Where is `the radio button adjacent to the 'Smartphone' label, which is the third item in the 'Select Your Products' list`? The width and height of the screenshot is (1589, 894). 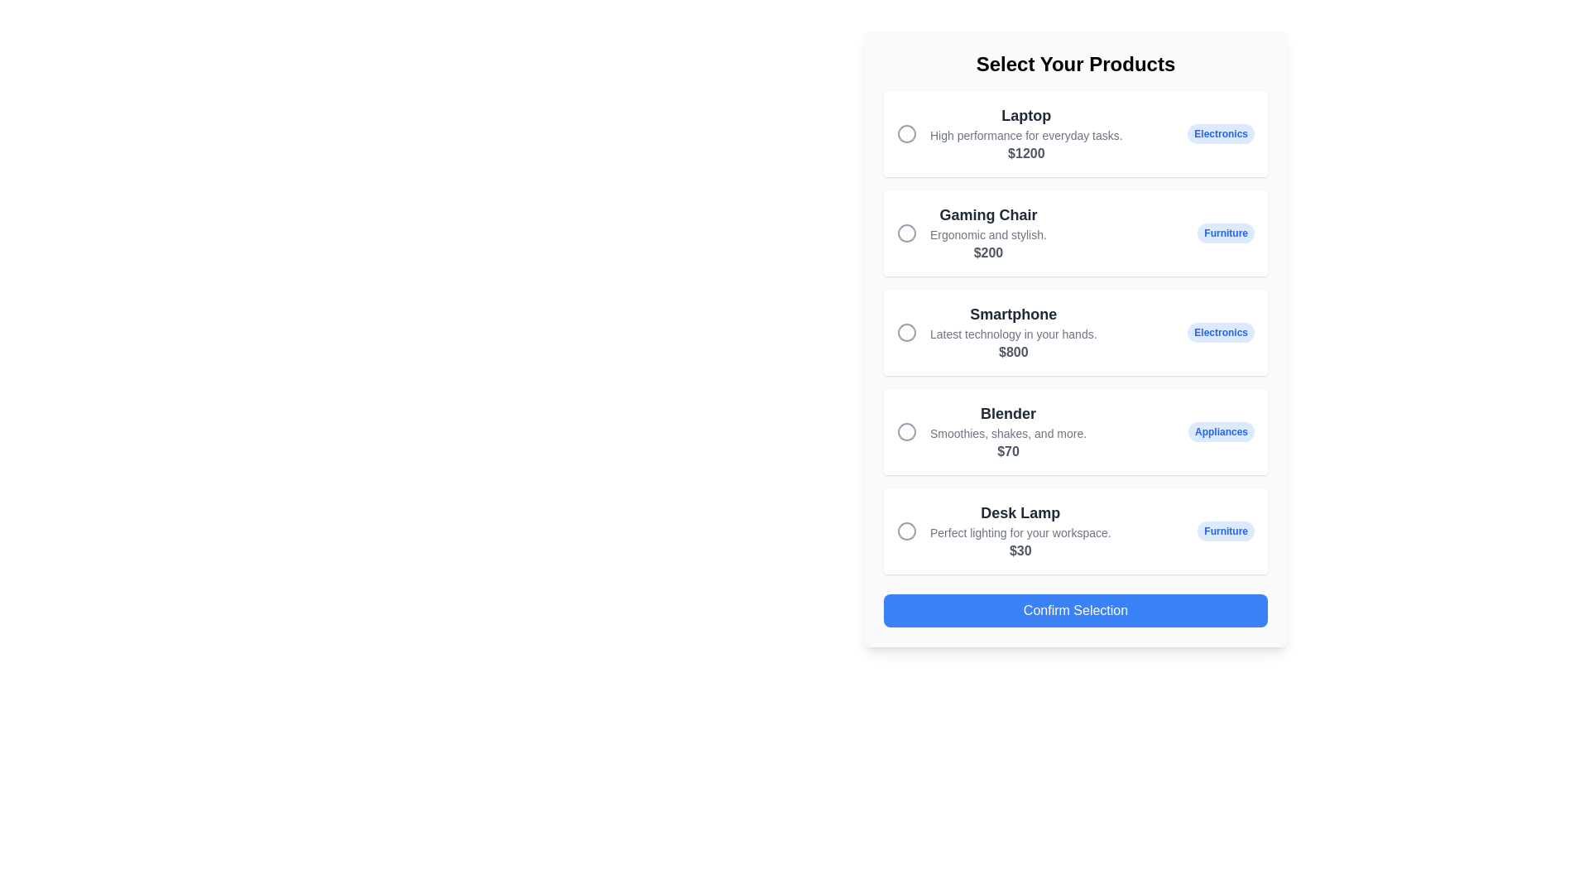
the radio button adjacent to the 'Smartphone' label, which is the third item in the 'Select Your Products' list is located at coordinates (1012, 332).